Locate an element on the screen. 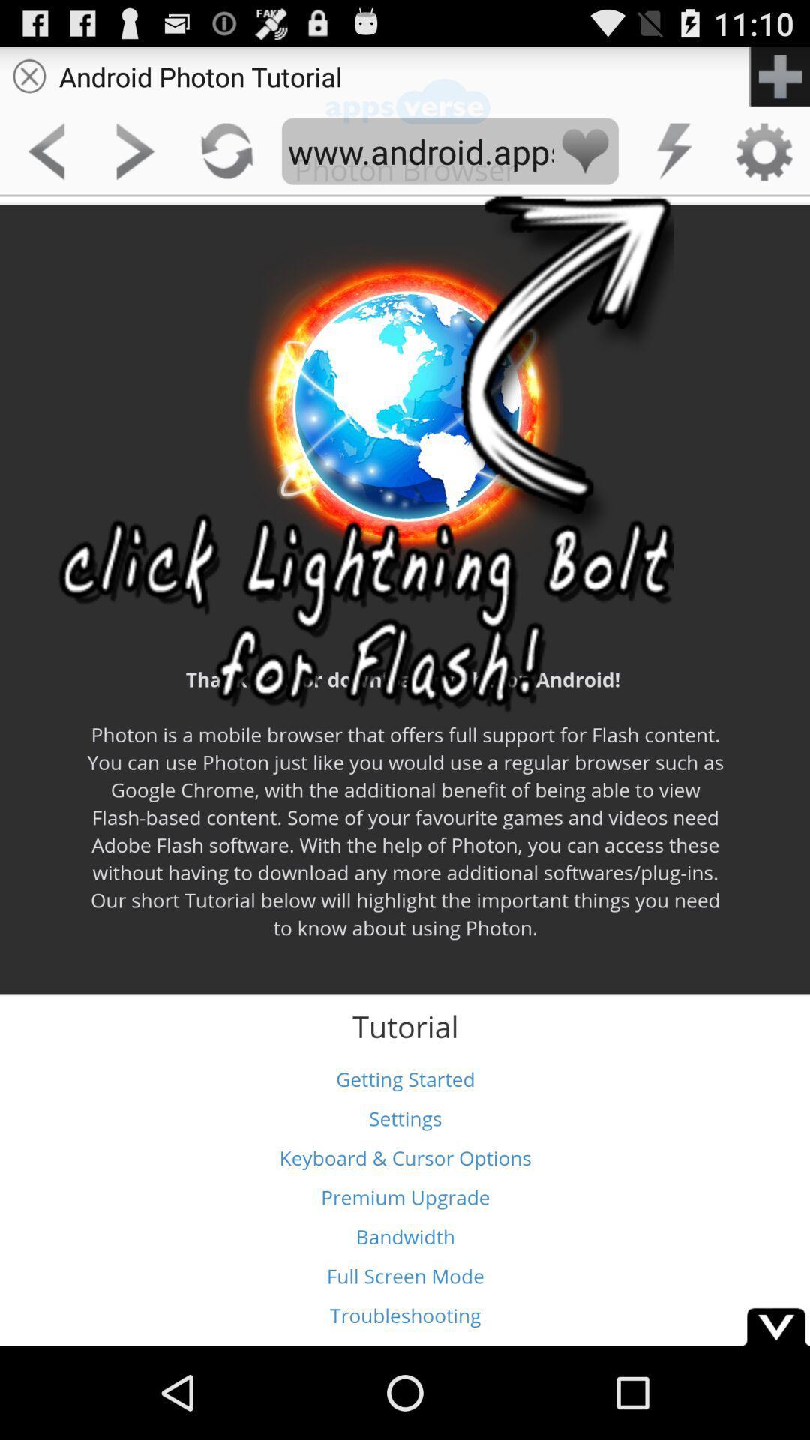 The image size is (810, 1440). the settings icon is located at coordinates (764, 162).